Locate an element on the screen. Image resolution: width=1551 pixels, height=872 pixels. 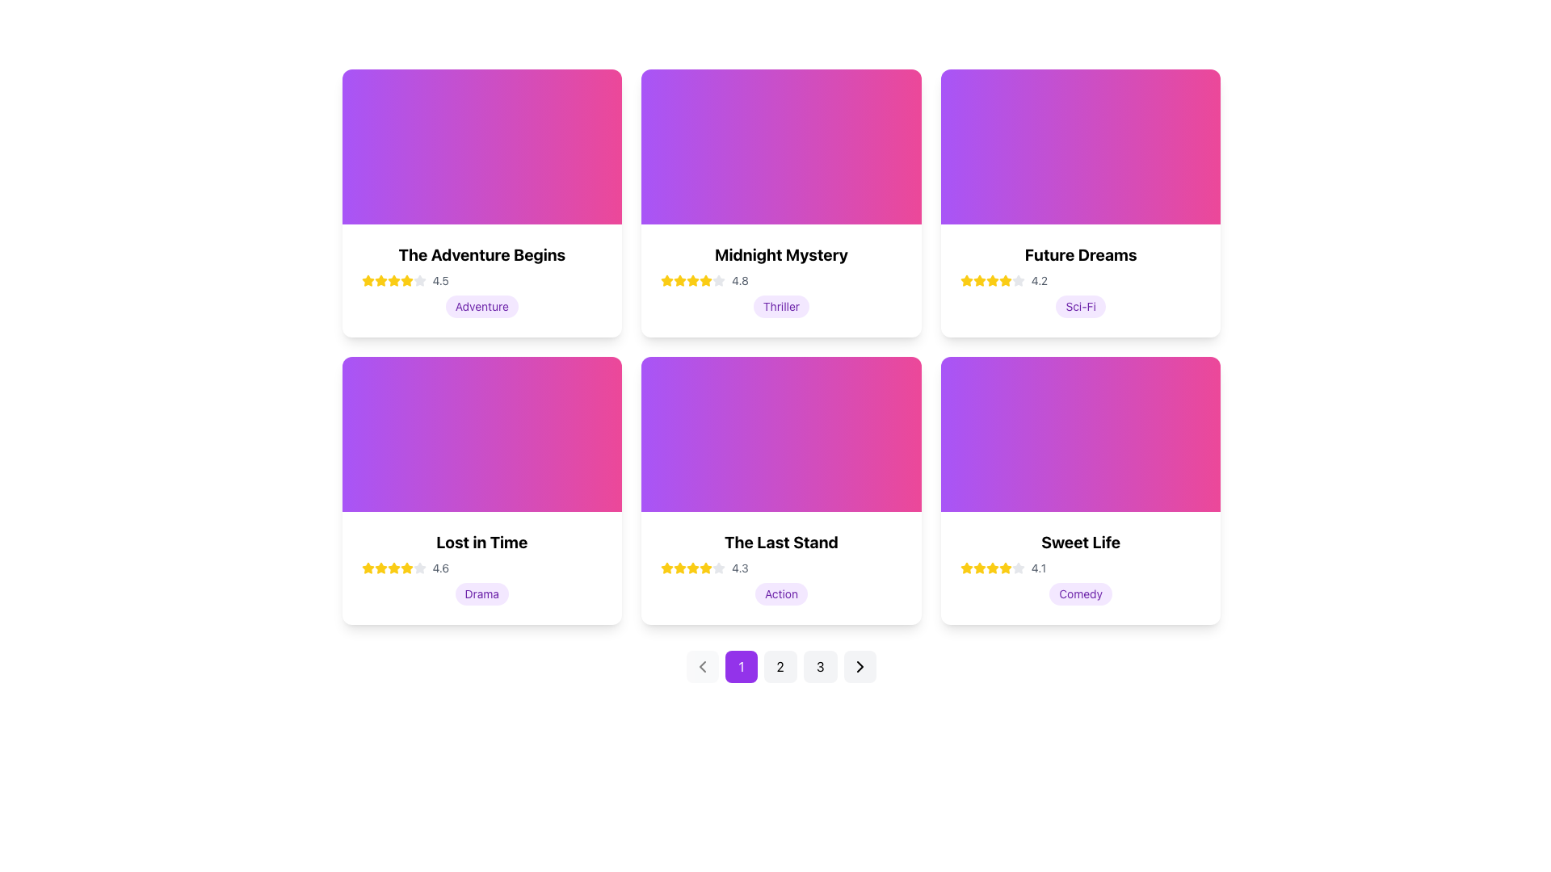
over the fifth star icon in the rating system is located at coordinates (406, 279).